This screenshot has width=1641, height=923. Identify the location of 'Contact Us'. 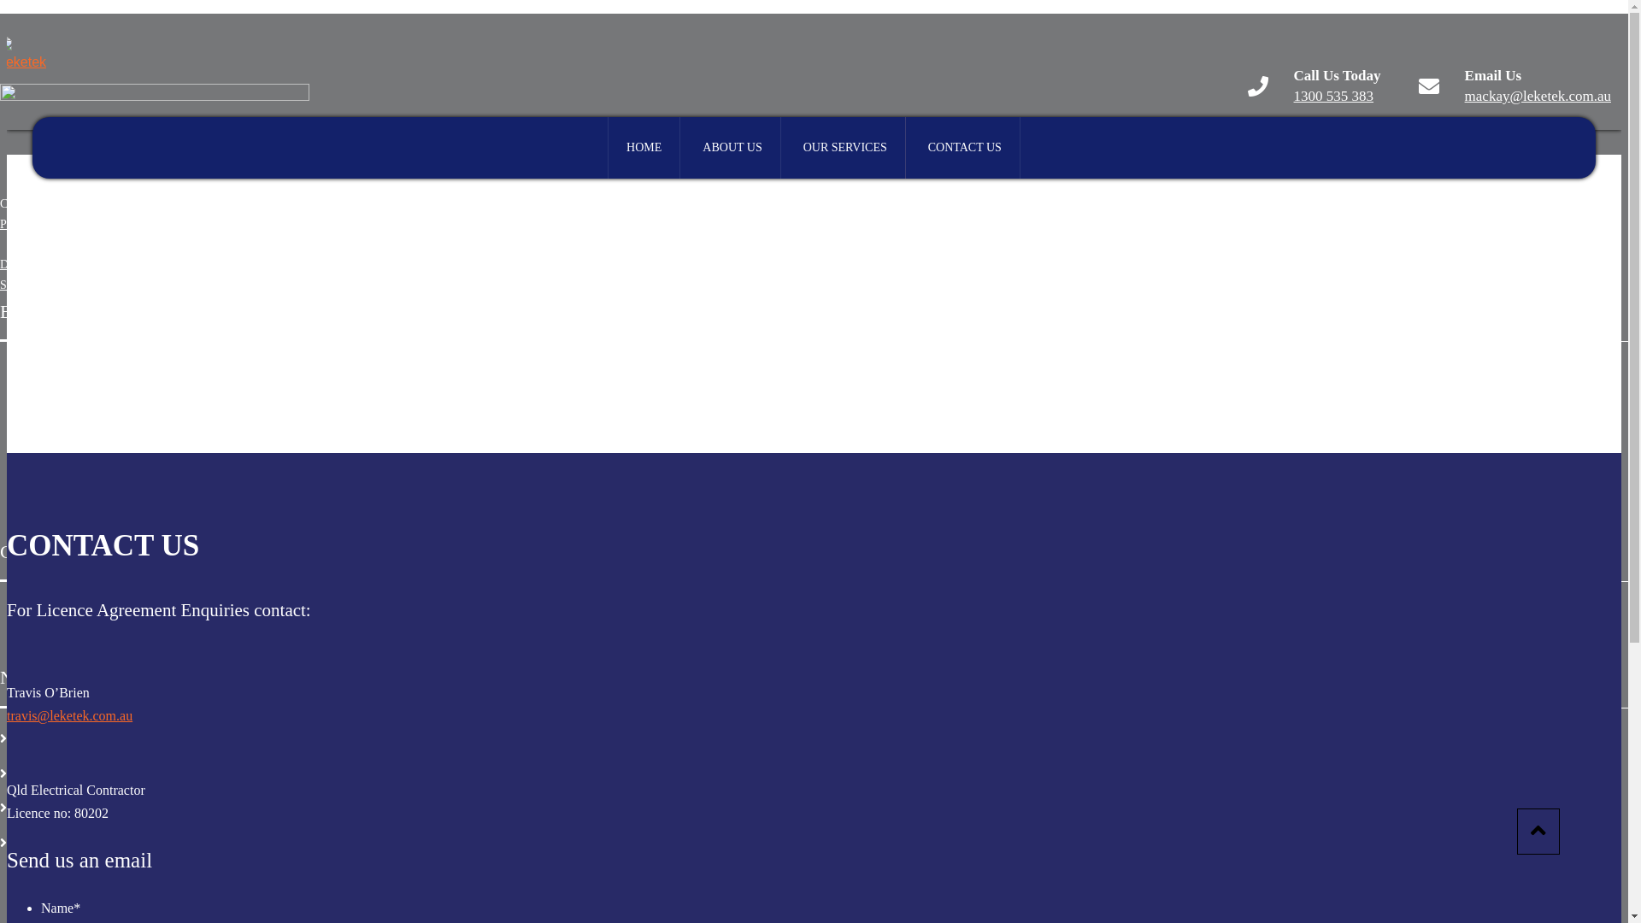
(32, 840).